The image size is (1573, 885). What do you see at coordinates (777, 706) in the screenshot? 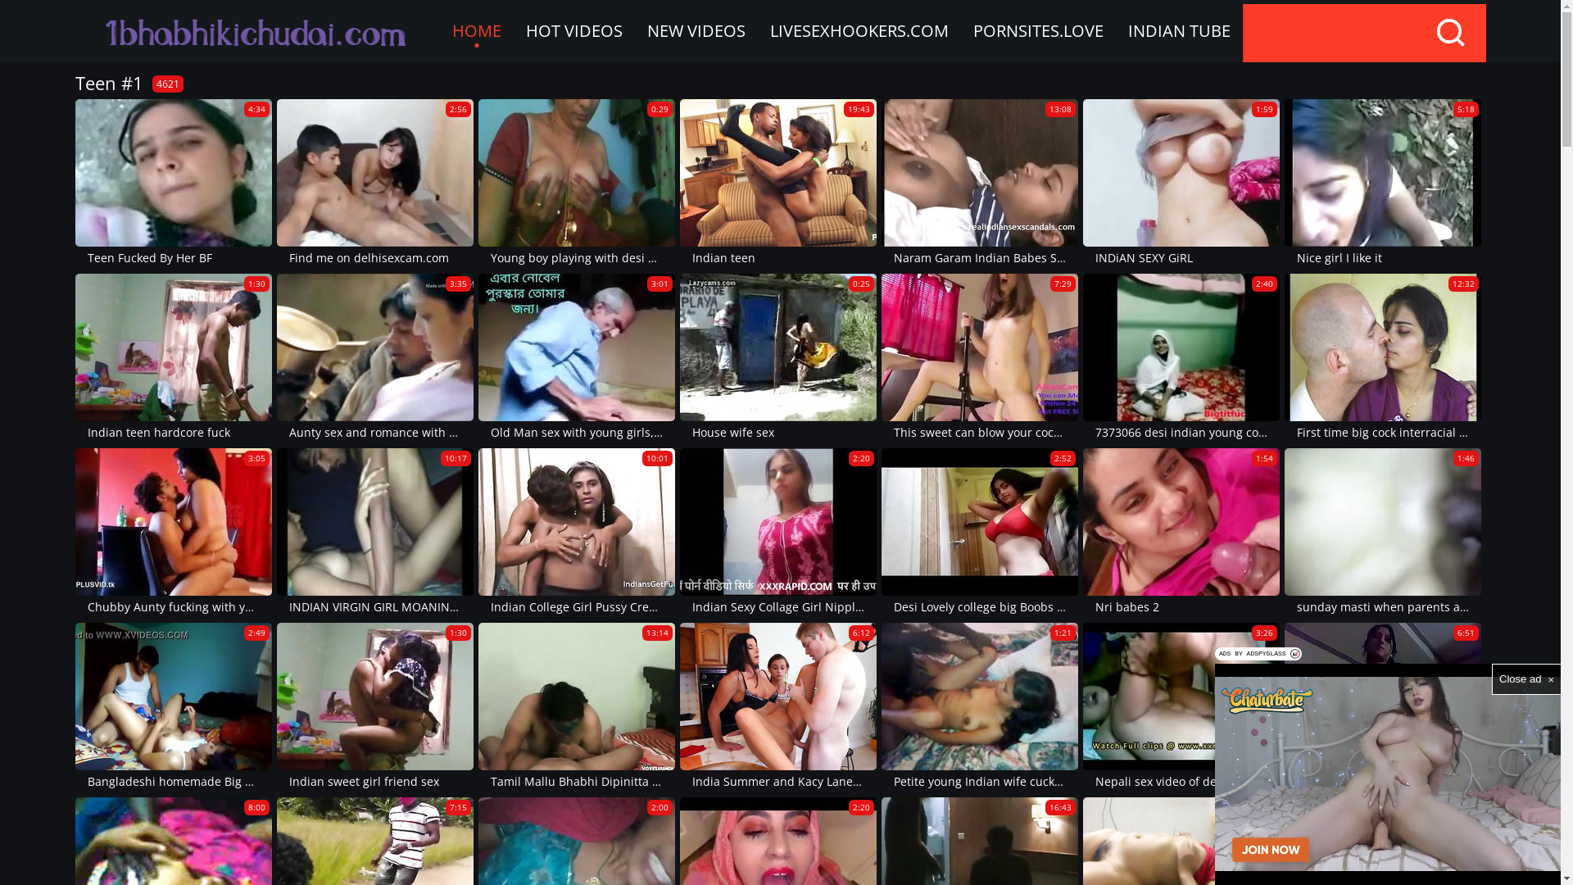
I see `'6:12` at bounding box center [777, 706].